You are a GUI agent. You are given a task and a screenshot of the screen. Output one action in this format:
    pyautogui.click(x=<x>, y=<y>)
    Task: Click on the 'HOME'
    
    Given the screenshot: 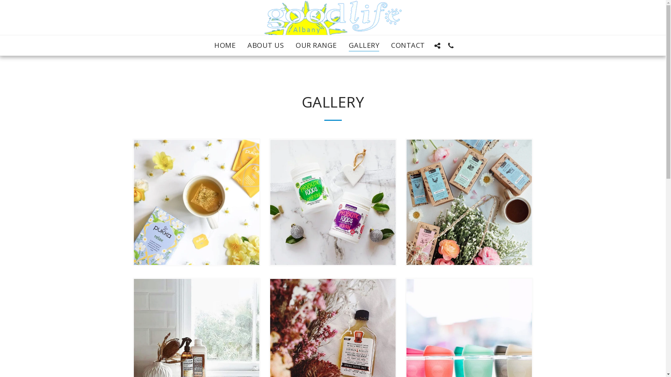 What is the action you would take?
    pyautogui.click(x=208, y=45)
    